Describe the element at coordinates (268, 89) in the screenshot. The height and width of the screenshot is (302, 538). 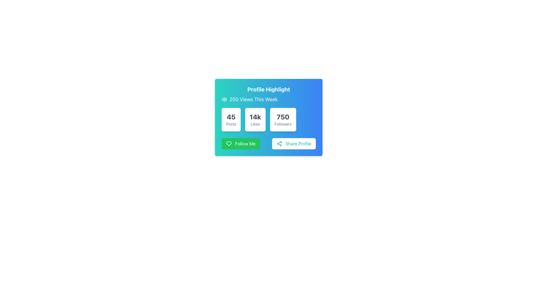
I see `the 'Profile Highlight' text label displayed in bold, large, white font, located at the top section of the card with a gradient background` at that location.